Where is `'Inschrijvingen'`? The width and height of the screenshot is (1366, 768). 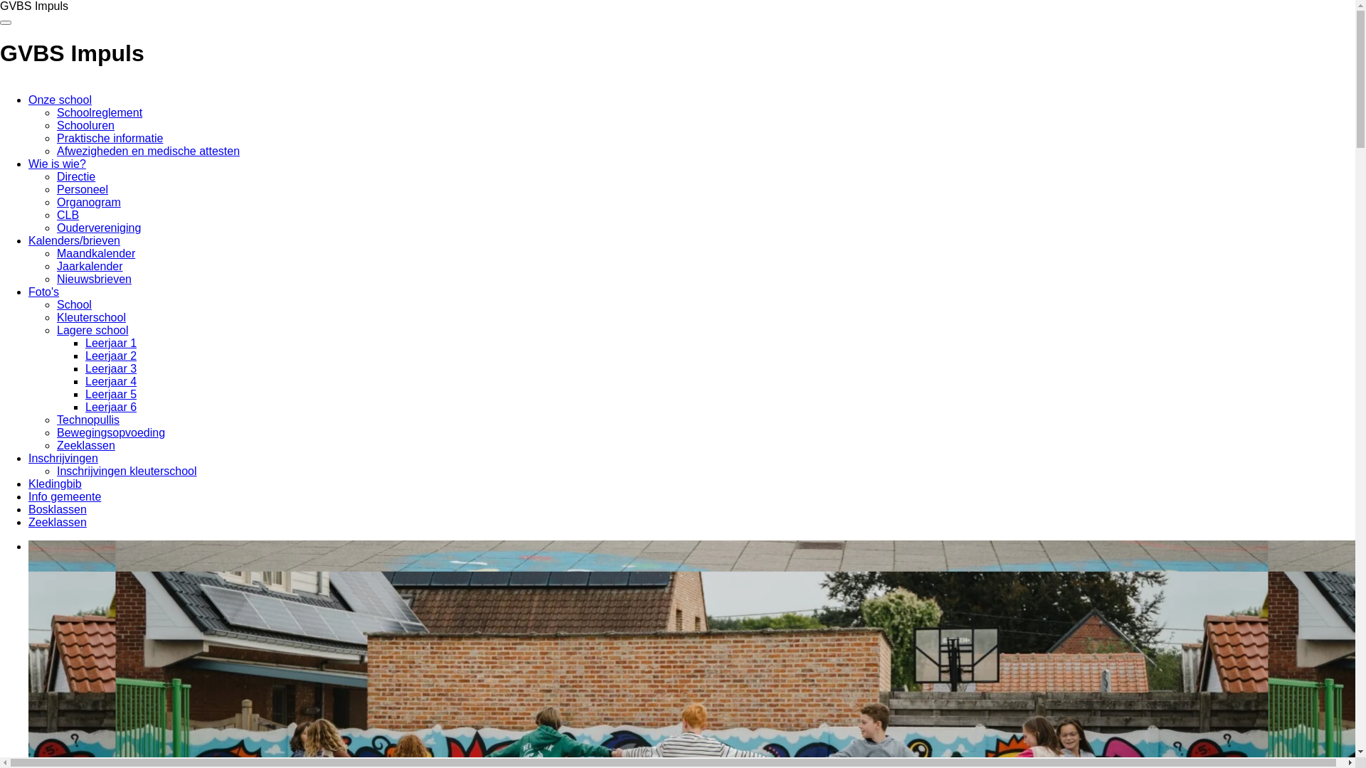 'Inschrijvingen' is located at coordinates (63, 458).